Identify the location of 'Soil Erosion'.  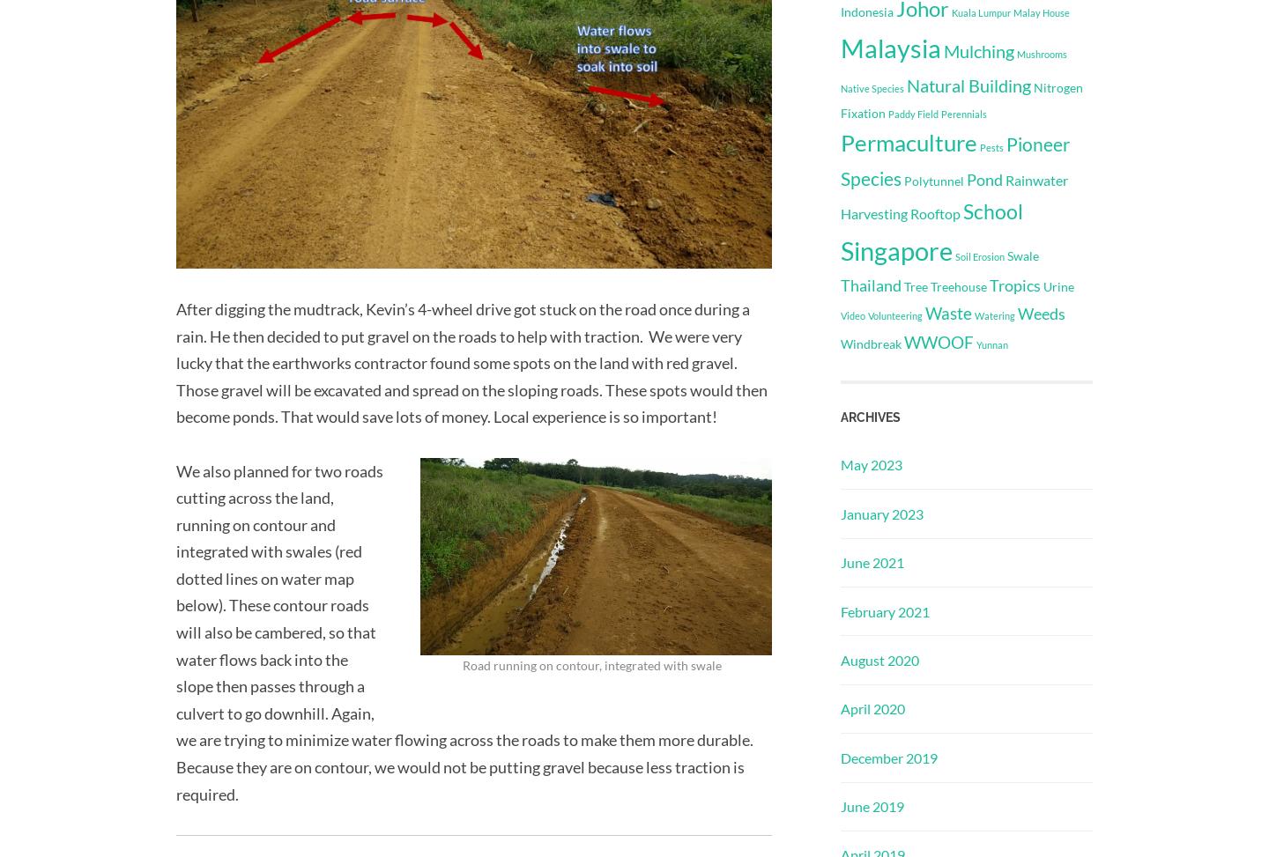
(978, 256).